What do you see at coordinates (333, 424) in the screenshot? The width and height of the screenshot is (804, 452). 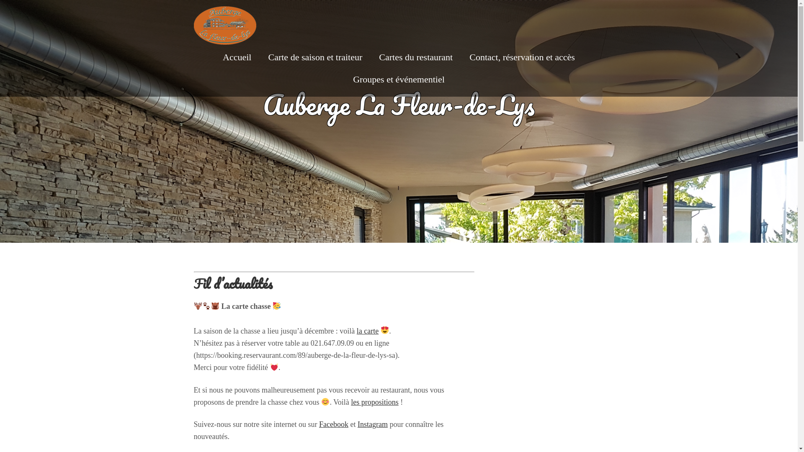 I see `'Facebook'` at bounding box center [333, 424].